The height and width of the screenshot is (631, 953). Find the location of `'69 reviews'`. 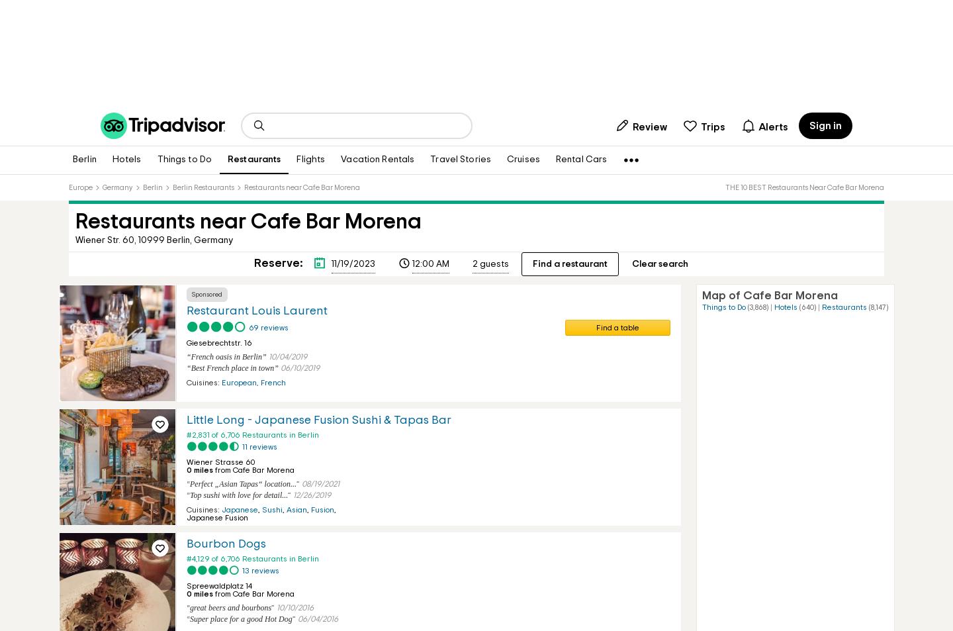

'69 reviews' is located at coordinates (267, 327).